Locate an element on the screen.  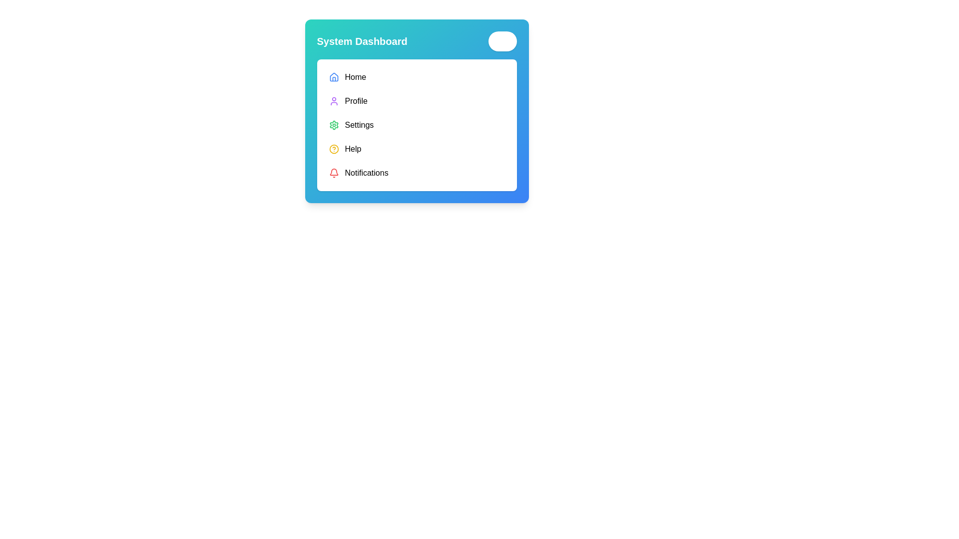
the 'Settings' item in the vertical navigational menu located centrally within the white rounded rectangle section of the 'System Dashboard' is located at coordinates (417, 124).